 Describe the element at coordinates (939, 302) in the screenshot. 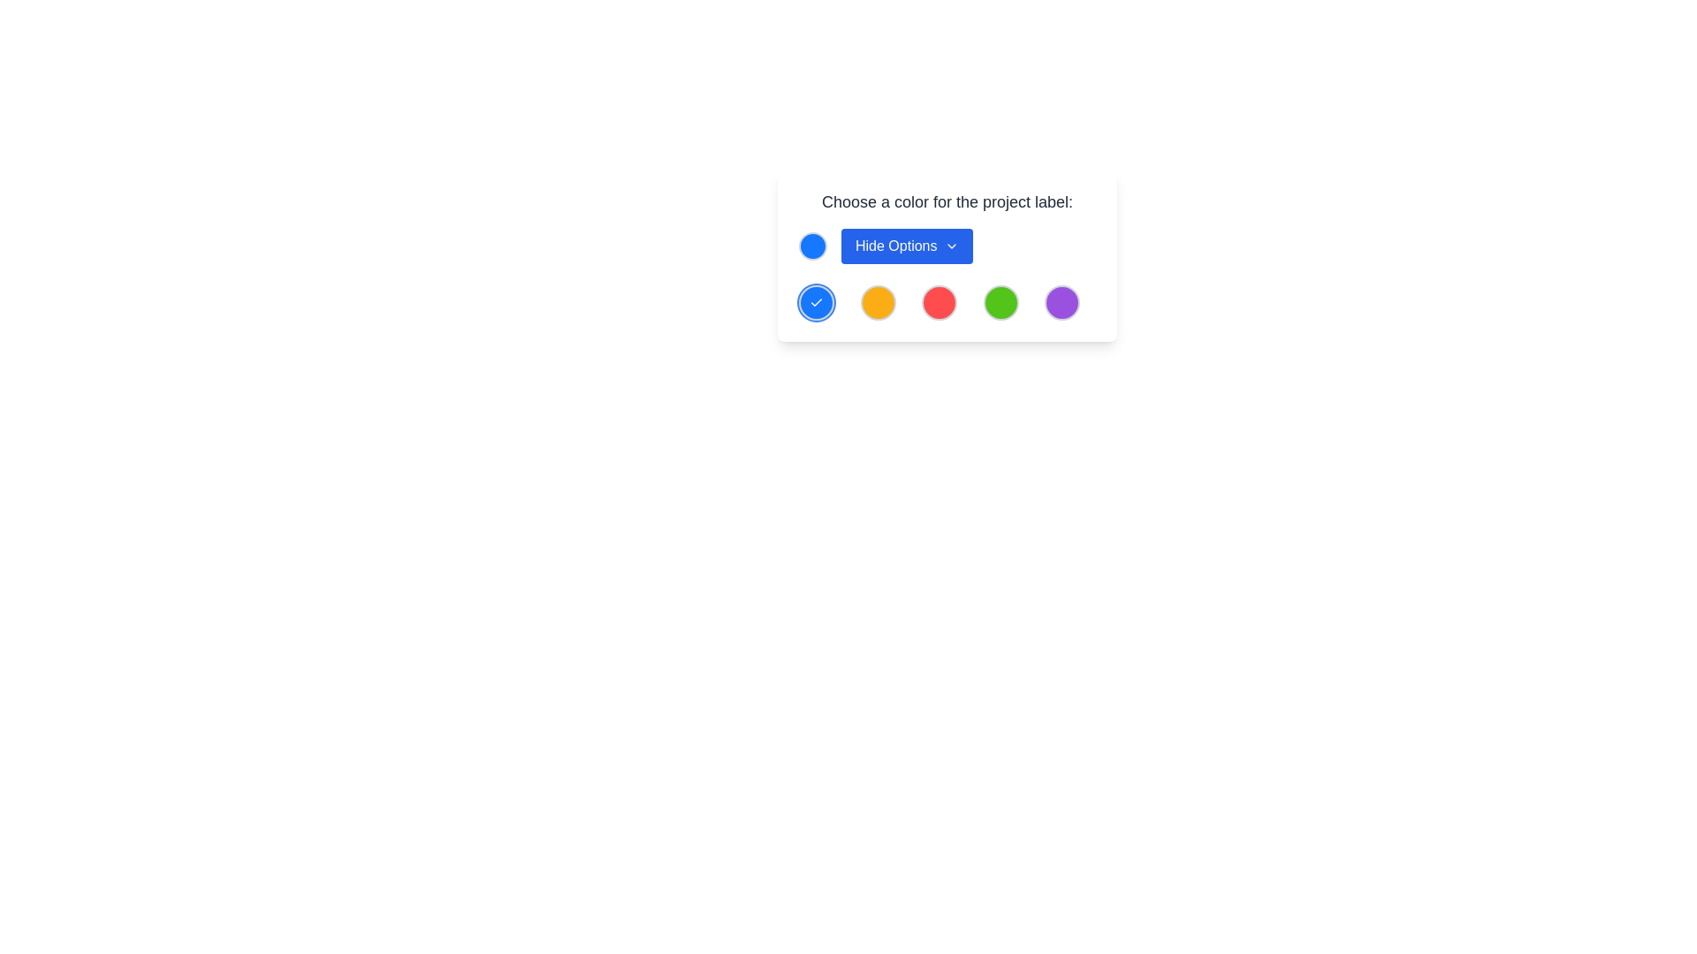

I see `the selectable color button for red, which is the fourth item in the grid layout for labeling a project` at that location.